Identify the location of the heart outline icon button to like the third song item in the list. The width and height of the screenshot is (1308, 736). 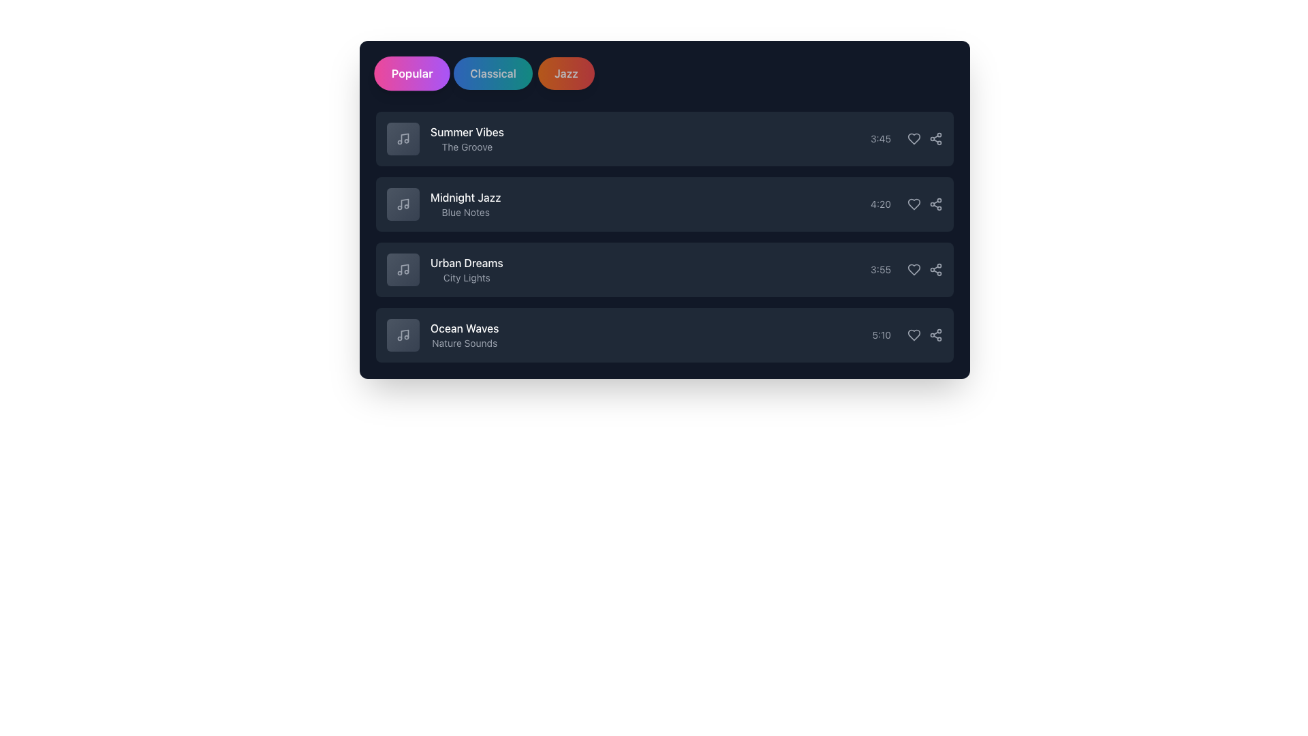
(914, 270).